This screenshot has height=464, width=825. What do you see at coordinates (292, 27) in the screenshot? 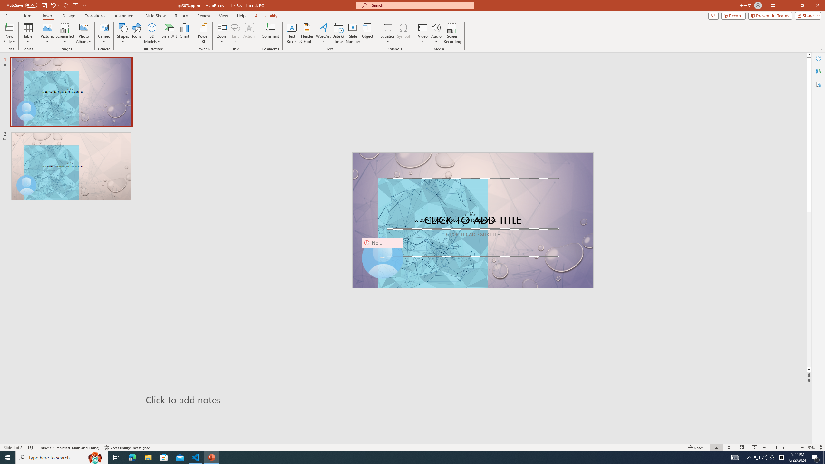
I see `'Draw Horizontal Text Box'` at bounding box center [292, 27].